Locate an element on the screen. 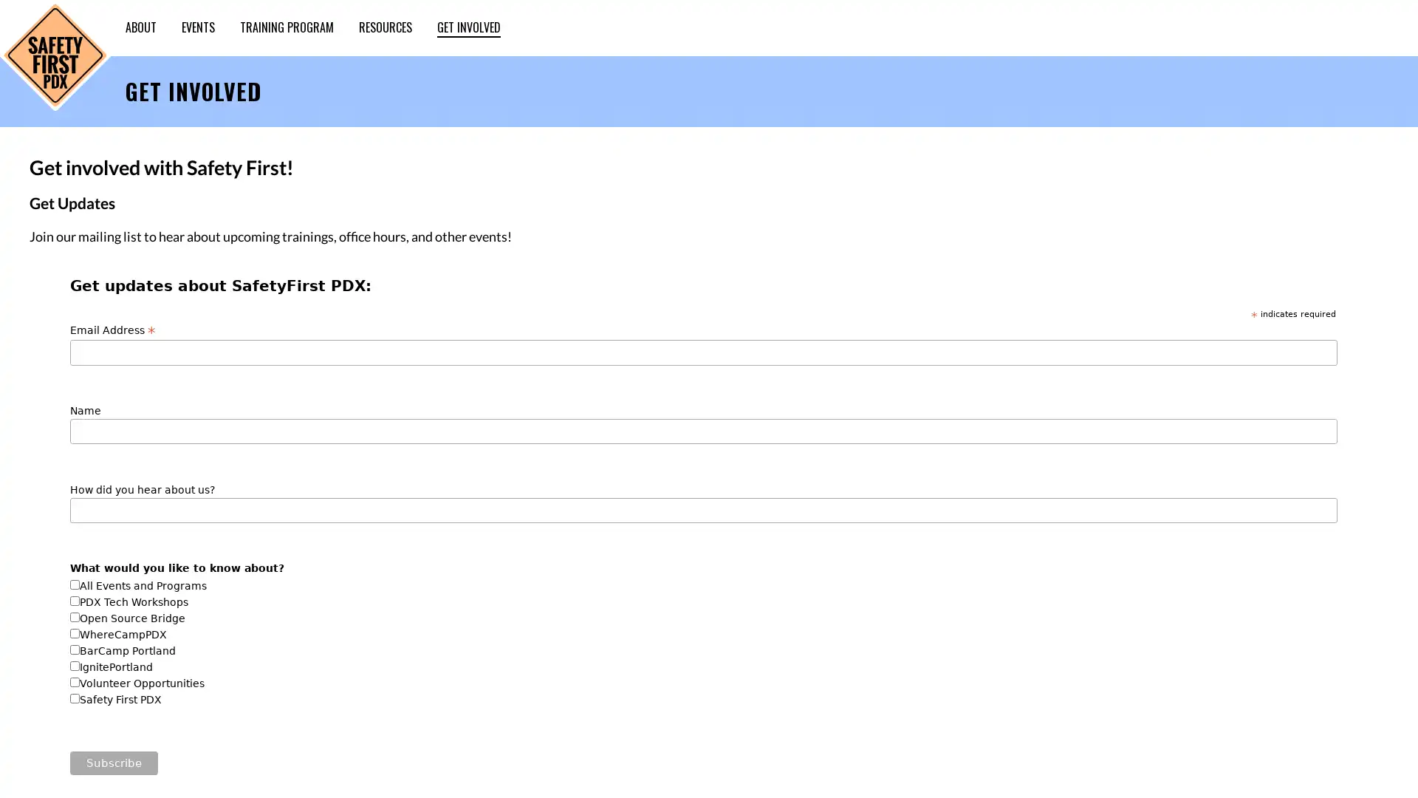 Image resolution: width=1418 pixels, height=798 pixels. Subscribe is located at coordinates (113, 763).